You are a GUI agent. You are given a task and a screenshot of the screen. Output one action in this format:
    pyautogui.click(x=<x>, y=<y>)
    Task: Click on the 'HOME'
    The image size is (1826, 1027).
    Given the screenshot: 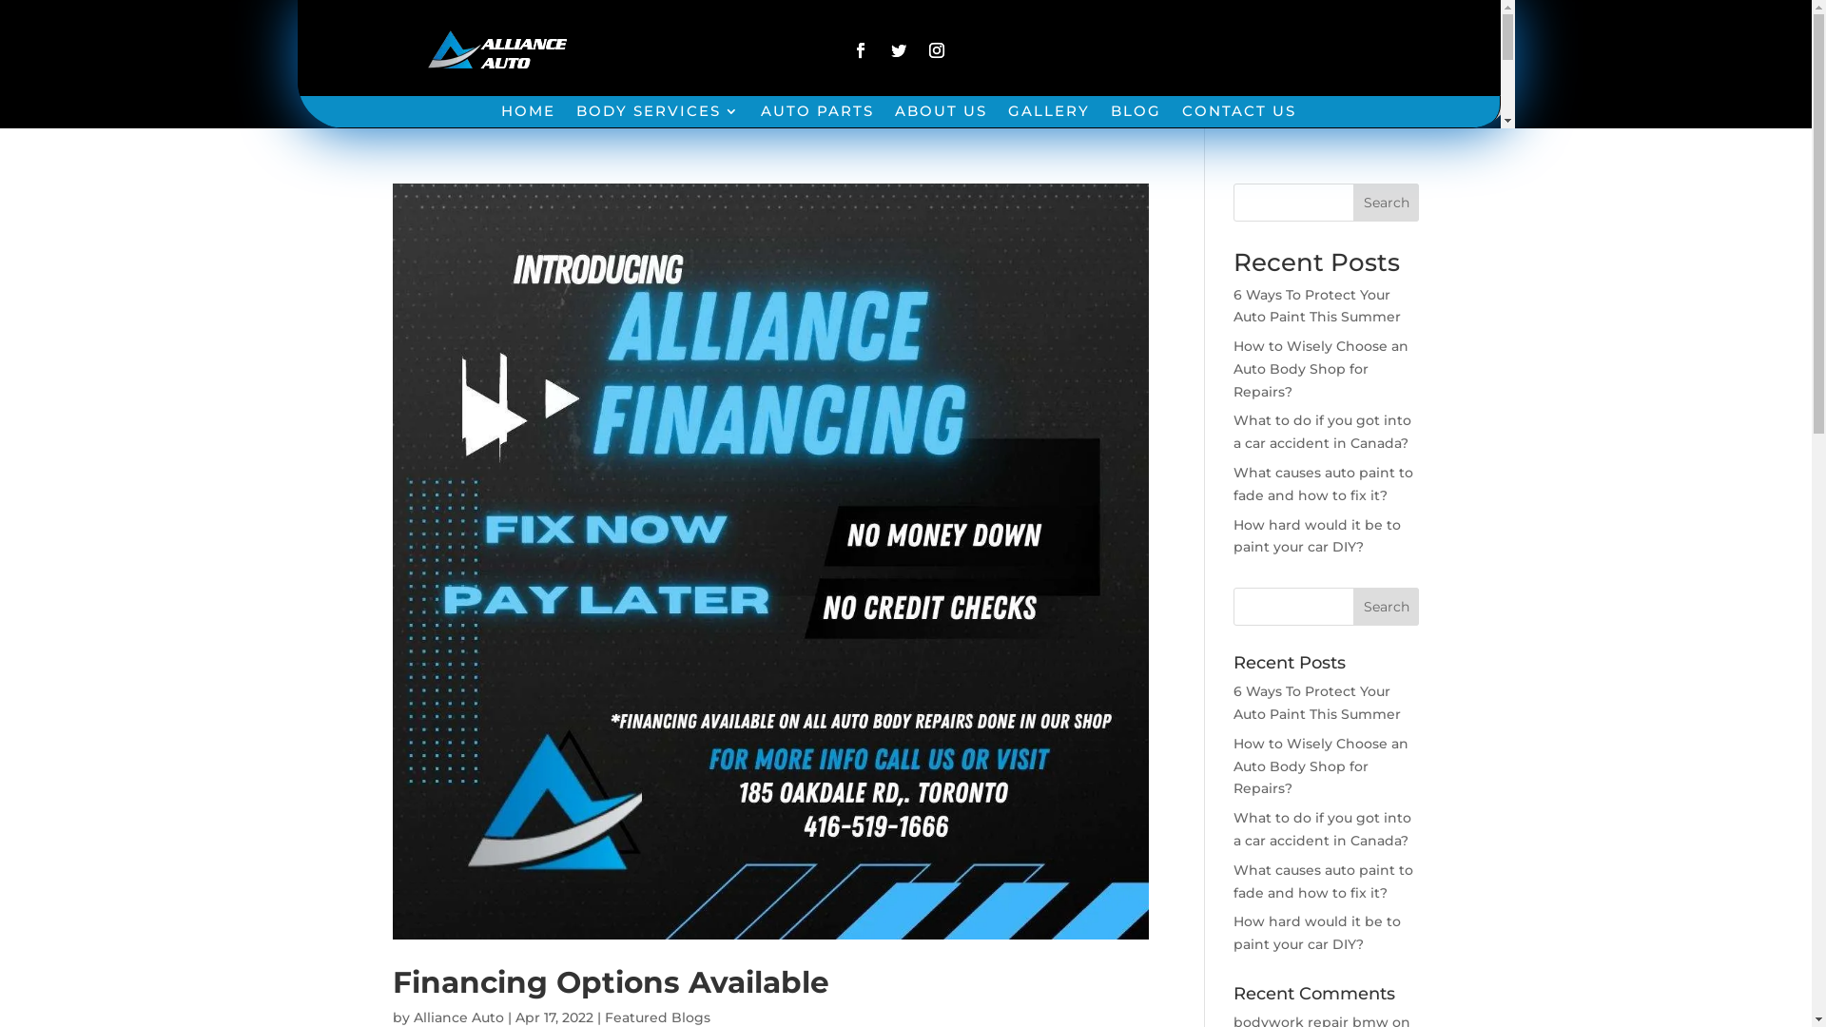 What is the action you would take?
    pyautogui.click(x=528, y=115)
    